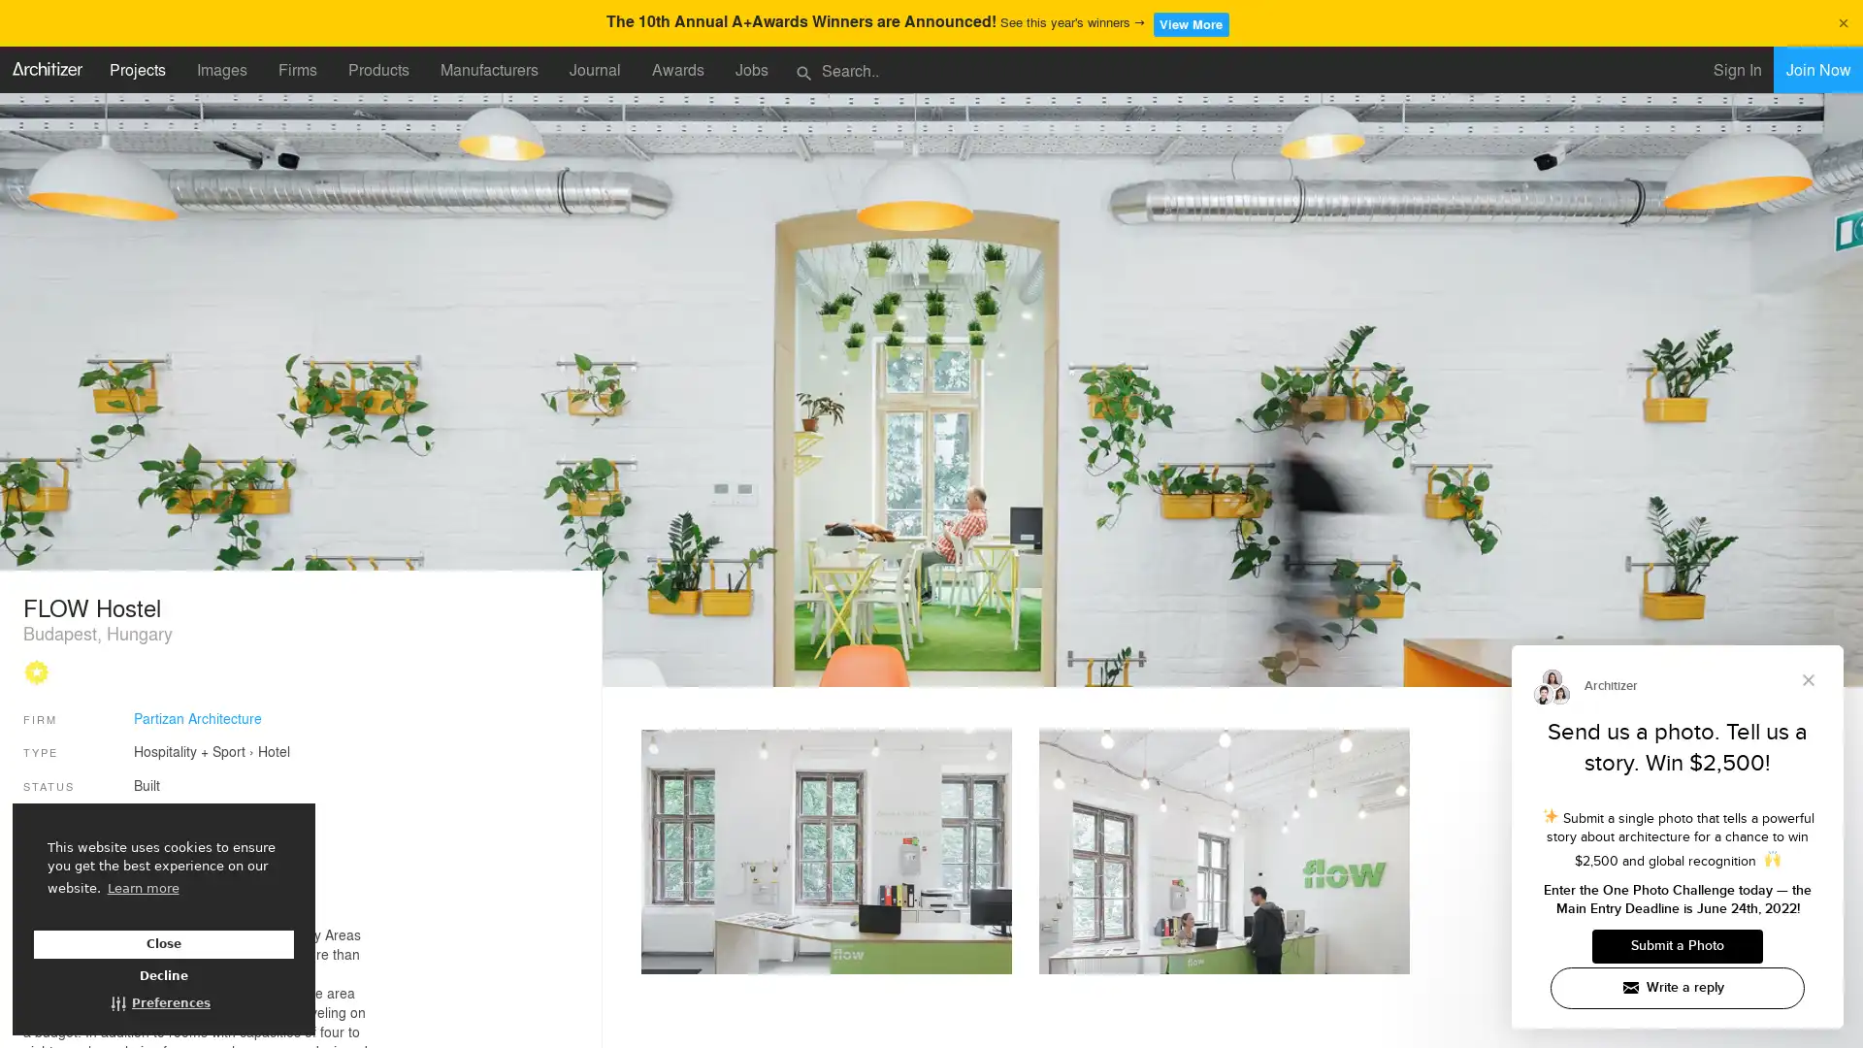 This screenshot has height=1048, width=1863. Describe the element at coordinates (163, 943) in the screenshot. I see `dismiss cookie message` at that location.